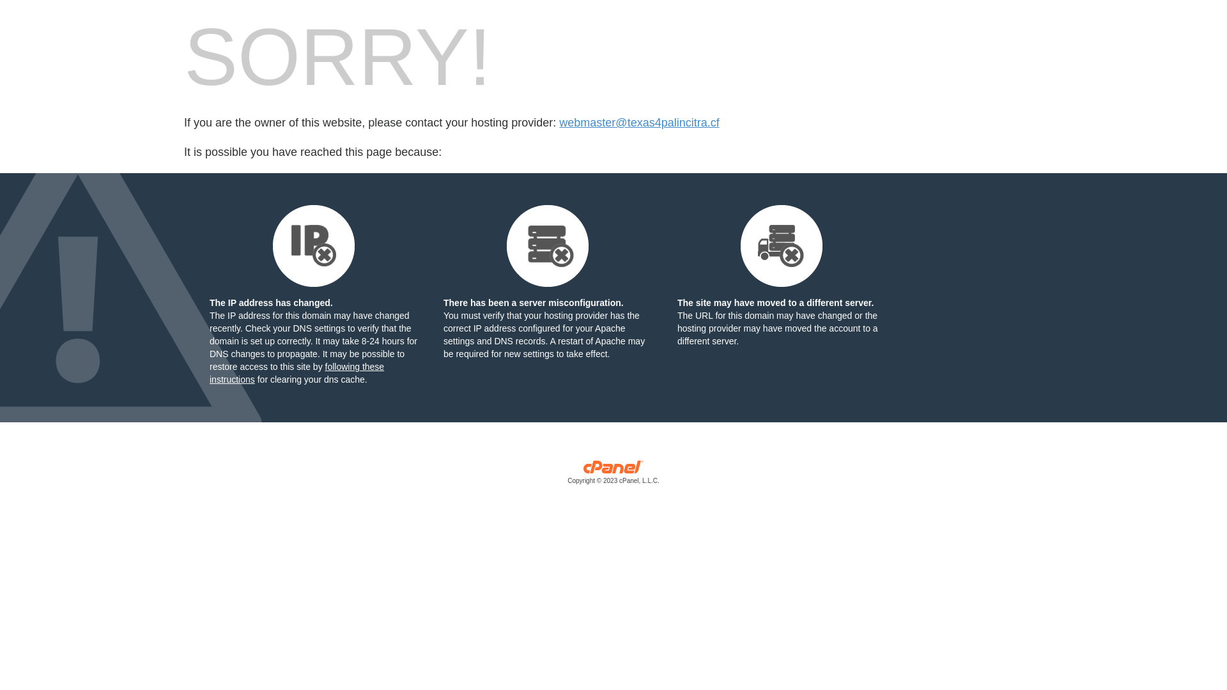 The width and height of the screenshot is (1227, 690). I want to click on 'following these instructions', so click(296, 372).